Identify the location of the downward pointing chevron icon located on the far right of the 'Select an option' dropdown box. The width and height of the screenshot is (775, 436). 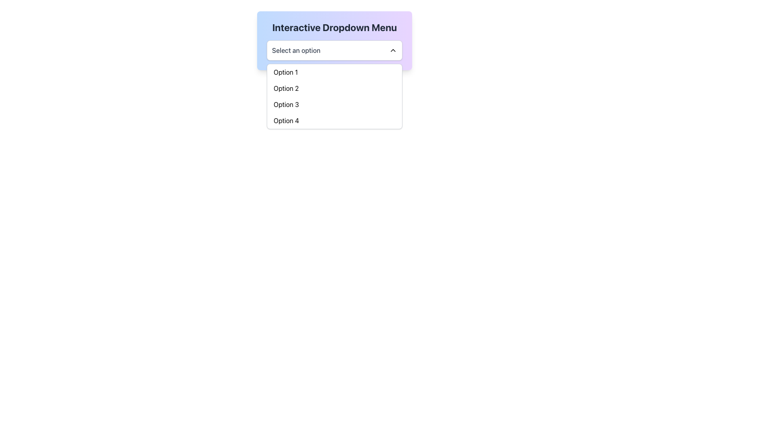
(393, 50).